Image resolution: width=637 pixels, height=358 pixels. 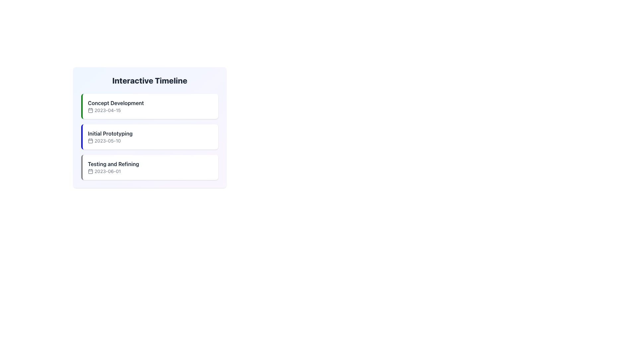 I want to click on the Text Display with Icon titled 'Concept Development' that shows the date '2023-04-15', located in the 'Interactive Timeline' panel, so click(x=116, y=106).